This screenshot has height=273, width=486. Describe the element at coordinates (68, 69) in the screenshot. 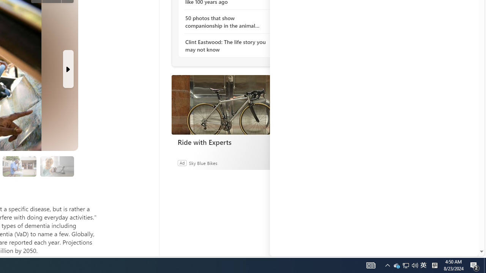

I see `'Next Slide'` at that location.